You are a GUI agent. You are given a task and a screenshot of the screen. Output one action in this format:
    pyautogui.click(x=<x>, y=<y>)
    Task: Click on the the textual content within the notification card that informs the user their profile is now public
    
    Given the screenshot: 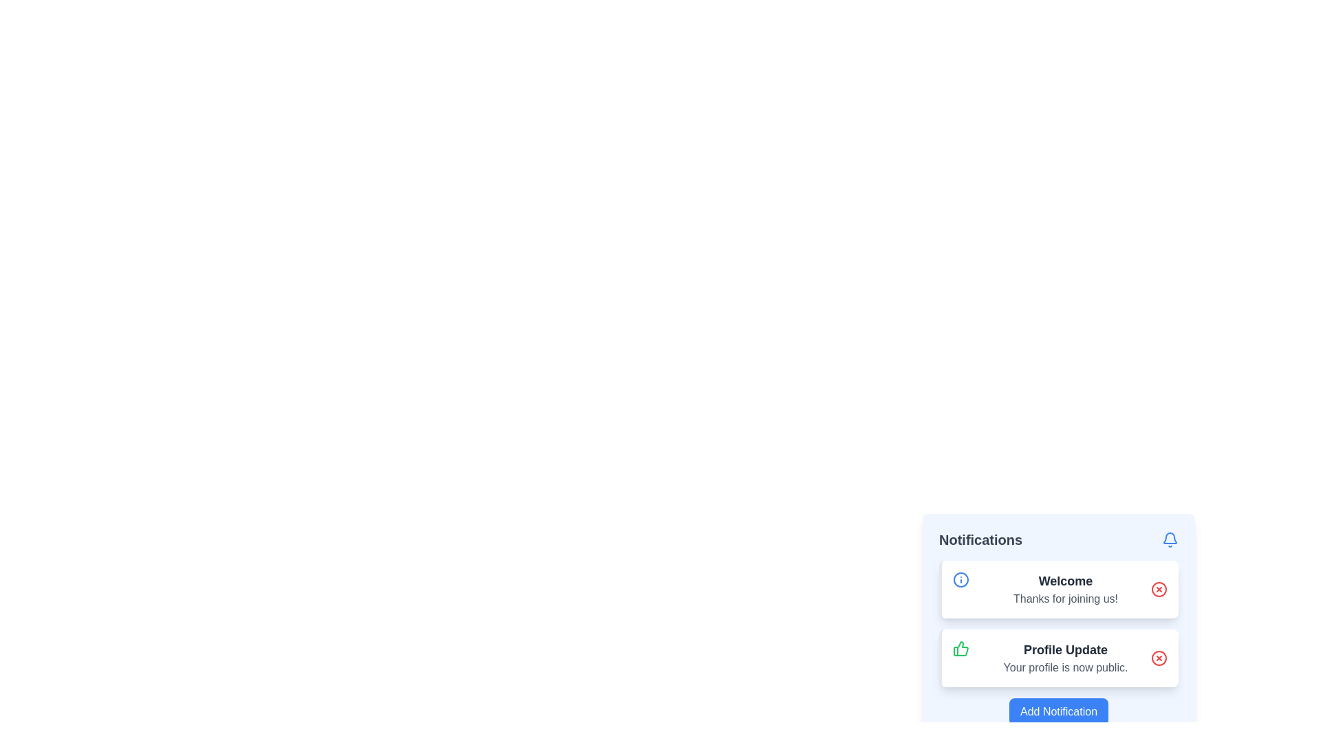 What is the action you would take?
    pyautogui.click(x=1065, y=657)
    